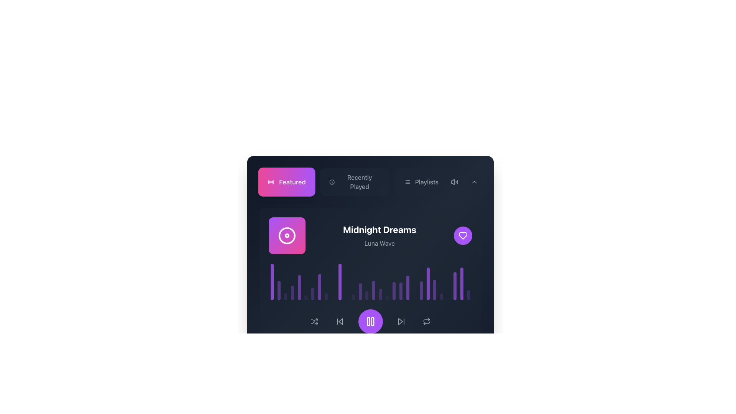 The image size is (736, 414). What do you see at coordinates (435, 290) in the screenshot?
I see `the 24th audio visualization bar, which is a vertical rounded bar with a gradient purple color, located in the audio visualization interface below the song title and artist name` at bounding box center [435, 290].